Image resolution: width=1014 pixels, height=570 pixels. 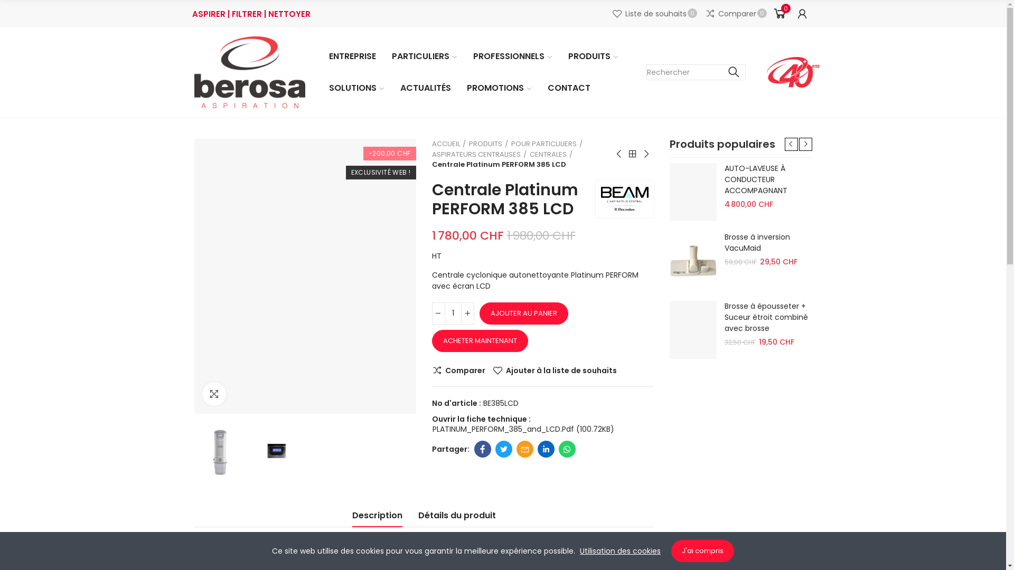 What do you see at coordinates (326, 56) in the screenshot?
I see `'ENTREPRISE'` at bounding box center [326, 56].